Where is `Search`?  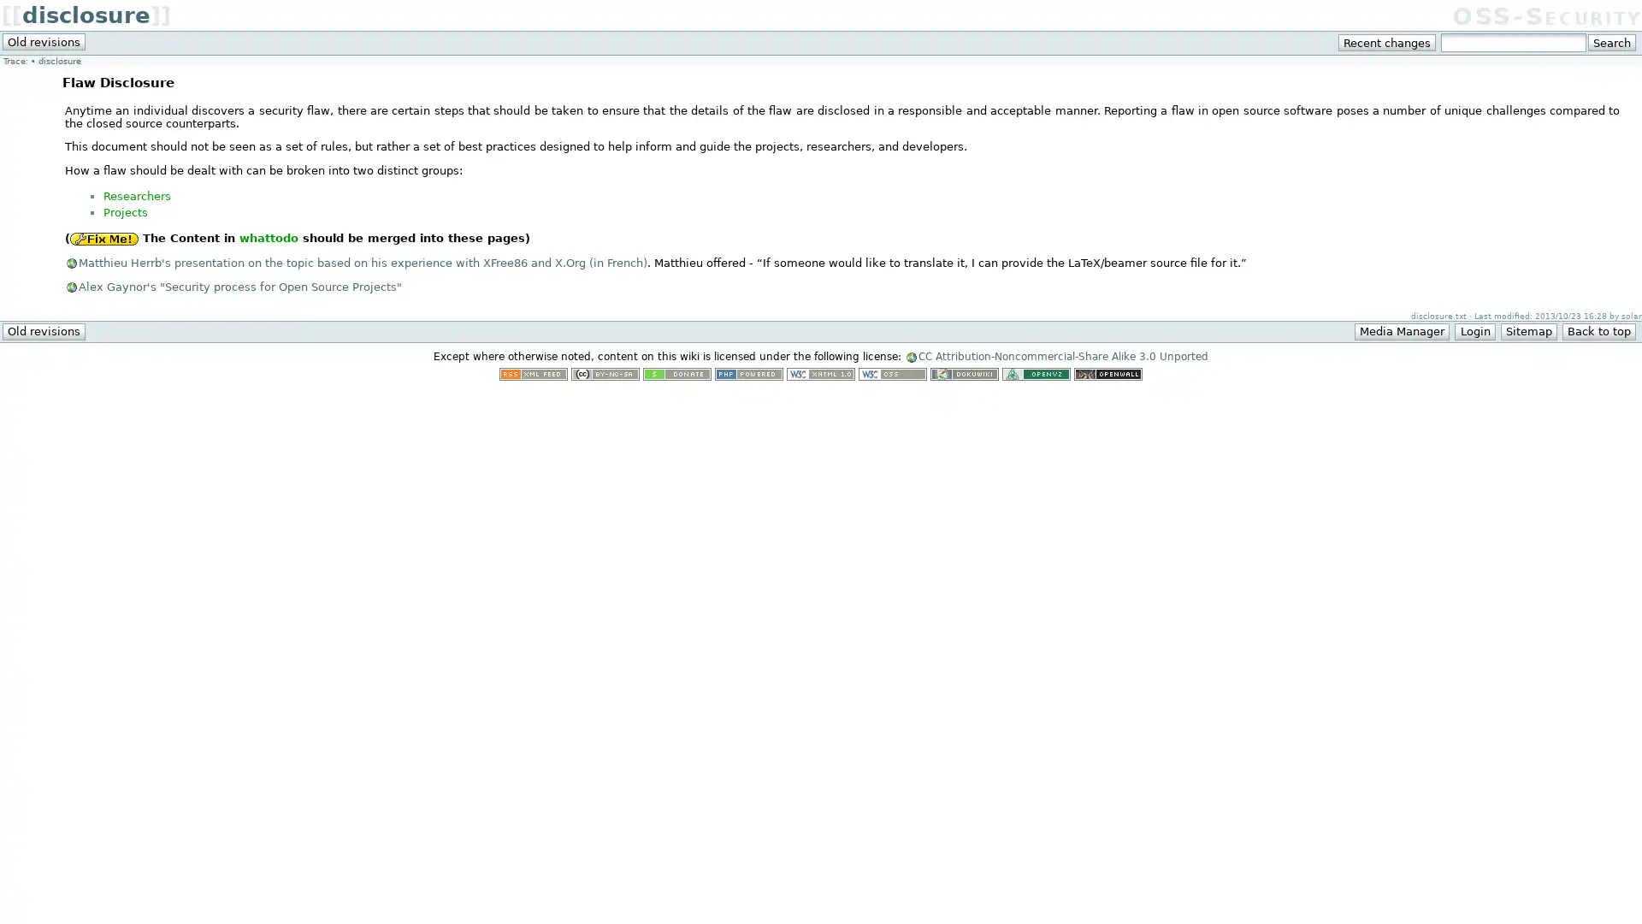
Search is located at coordinates (1610, 42).